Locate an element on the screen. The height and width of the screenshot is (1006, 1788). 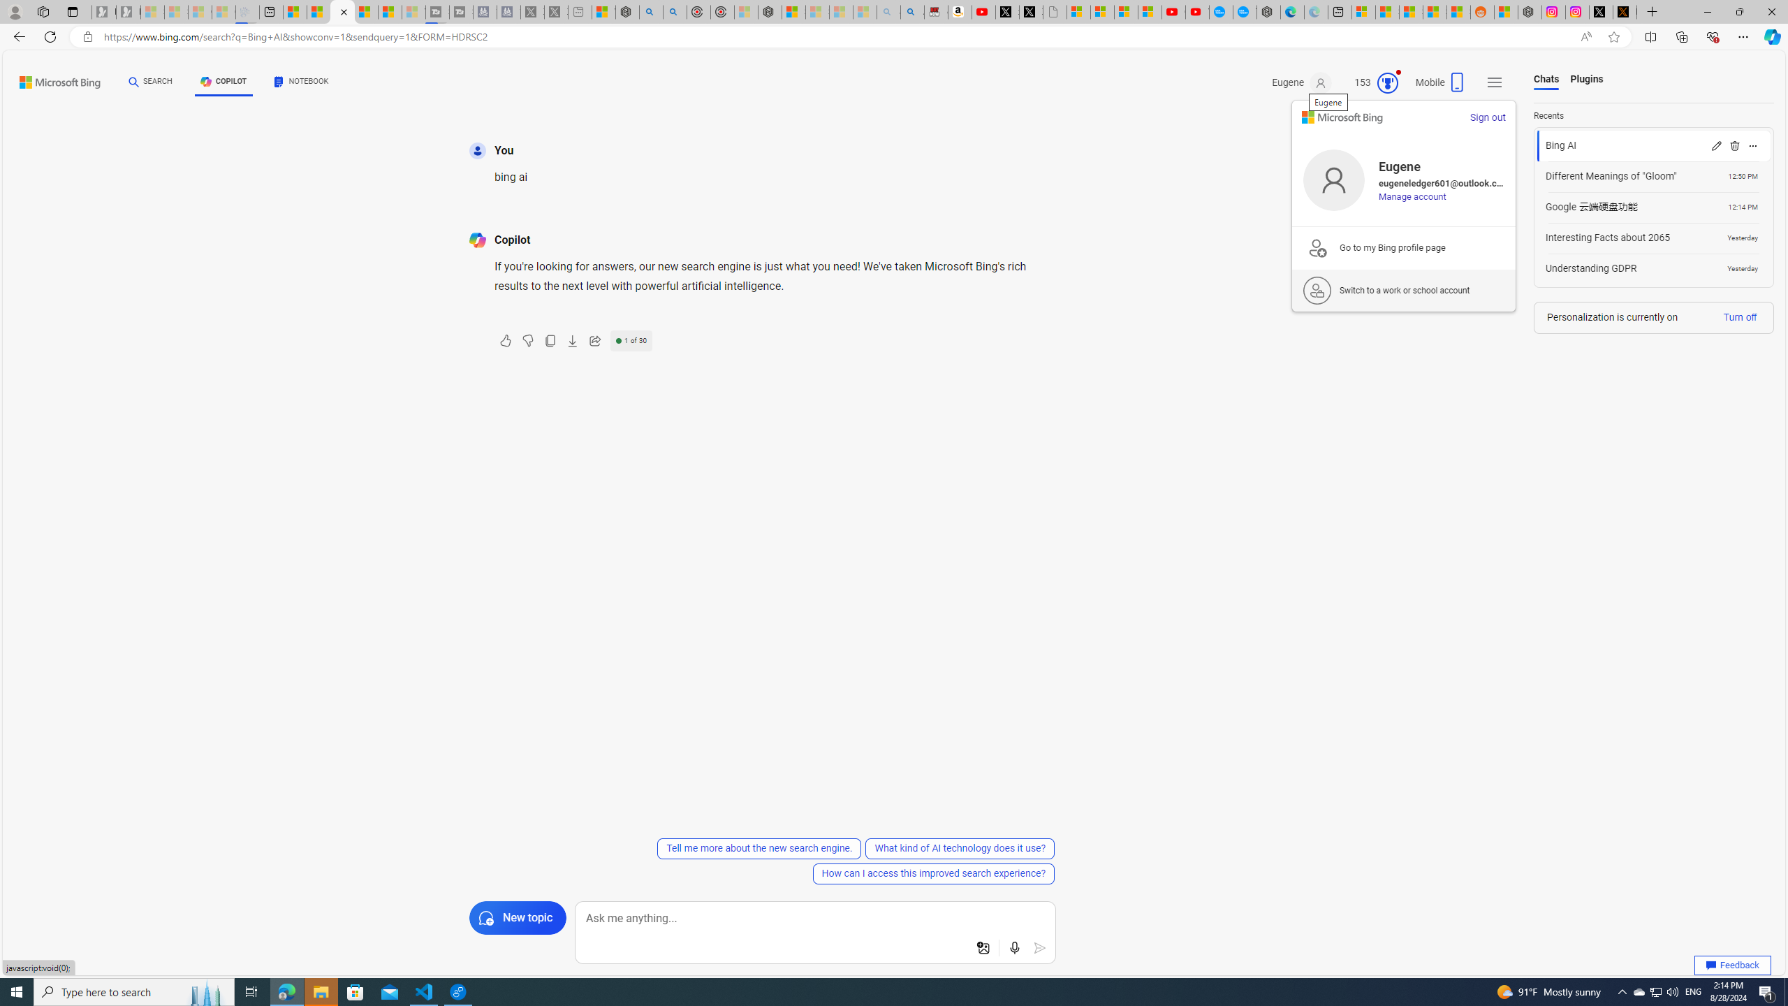
'poe ++ standard - Search' is located at coordinates (675, 11).